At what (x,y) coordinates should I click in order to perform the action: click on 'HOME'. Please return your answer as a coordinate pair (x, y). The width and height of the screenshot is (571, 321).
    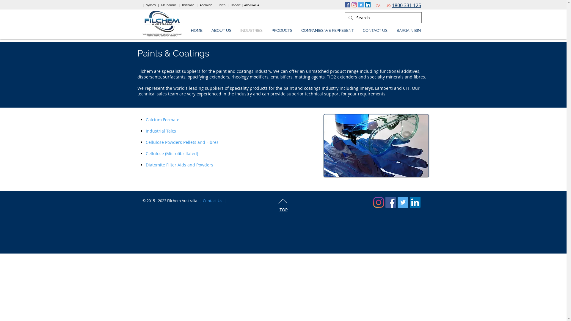
    Looking at the image, I should click on (196, 30).